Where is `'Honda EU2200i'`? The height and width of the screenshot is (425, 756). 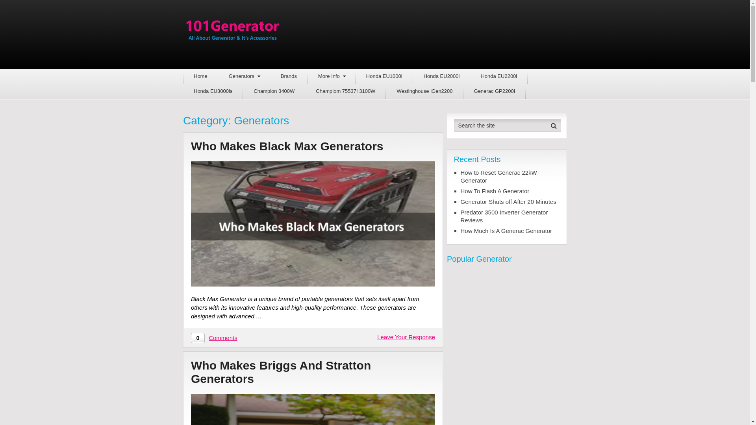 'Honda EU2200i' is located at coordinates (498, 76).